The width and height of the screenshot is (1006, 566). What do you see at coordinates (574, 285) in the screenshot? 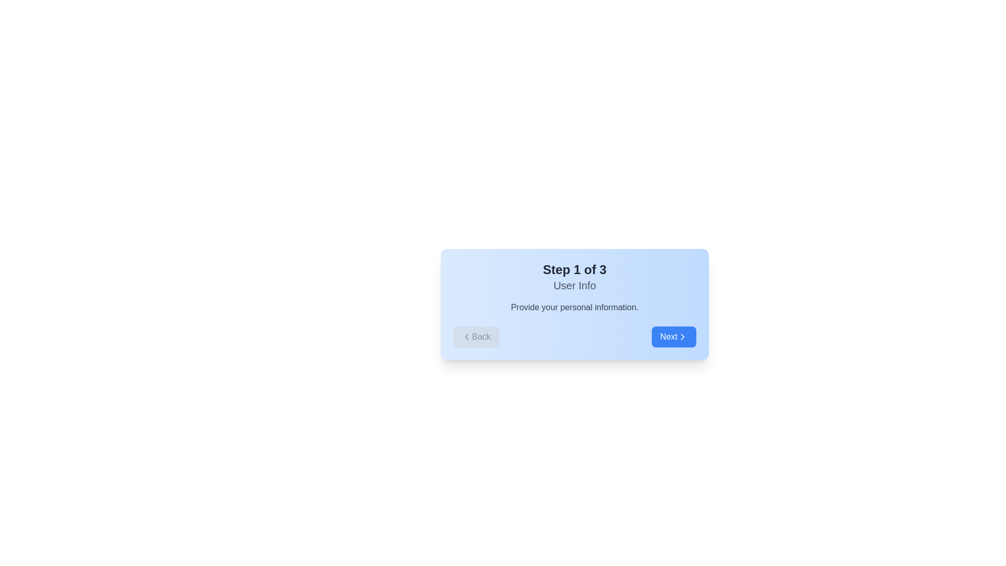
I see `the static text label 'User Info' that serves as a descriptor within the modal, positioned below 'Step 1 of 3'` at bounding box center [574, 285].